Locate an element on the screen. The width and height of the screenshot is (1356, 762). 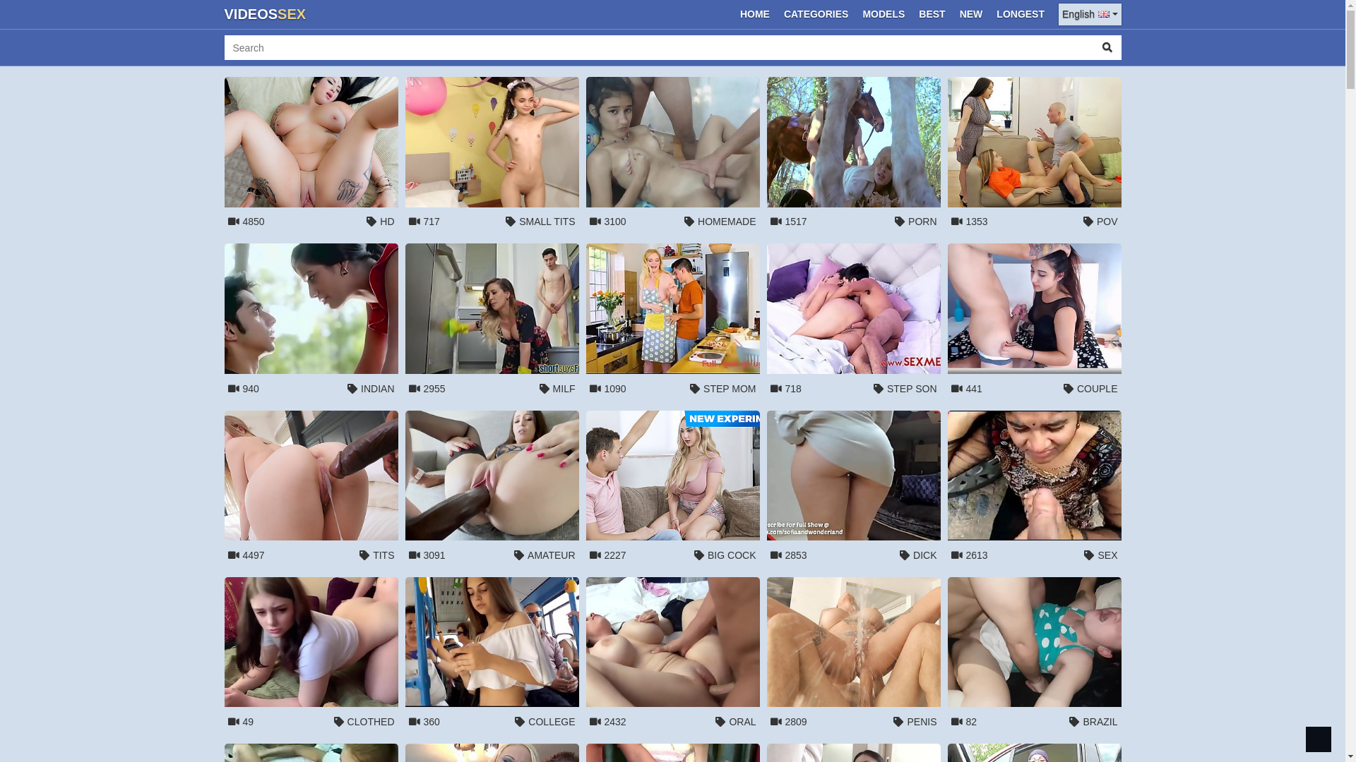
'2809 is located at coordinates (853, 656).